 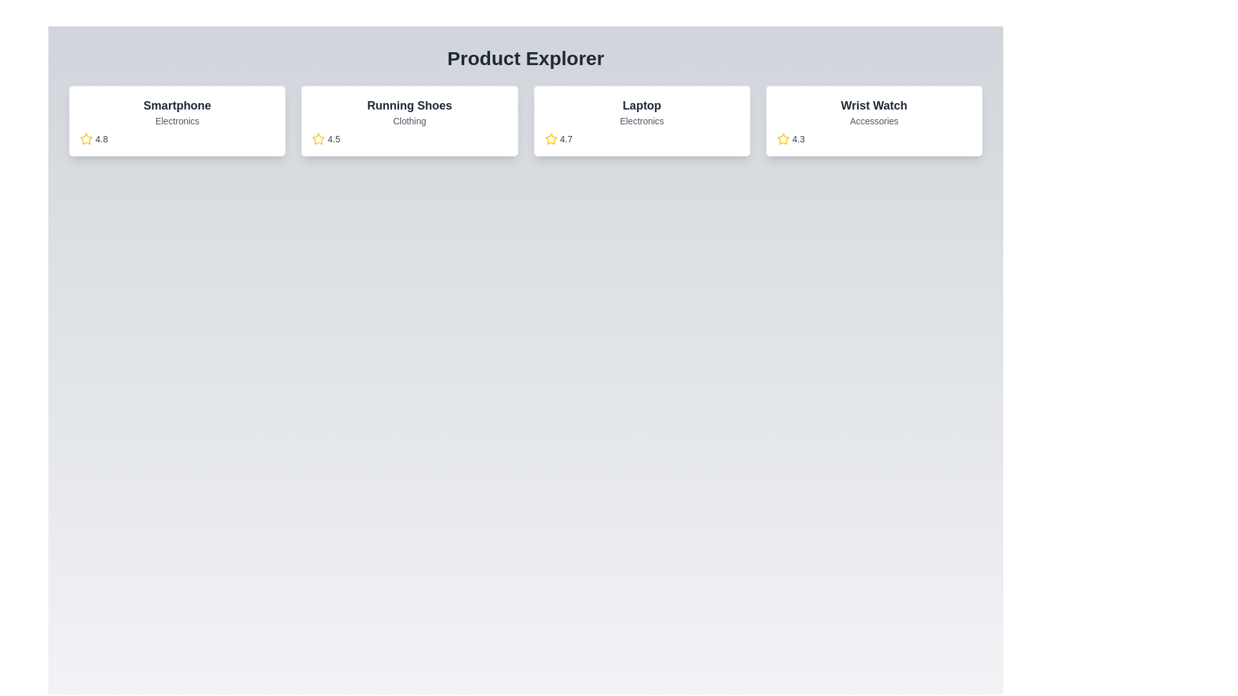 What do you see at coordinates (409, 121) in the screenshot?
I see `the second product card in the product catalog` at bounding box center [409, 121].